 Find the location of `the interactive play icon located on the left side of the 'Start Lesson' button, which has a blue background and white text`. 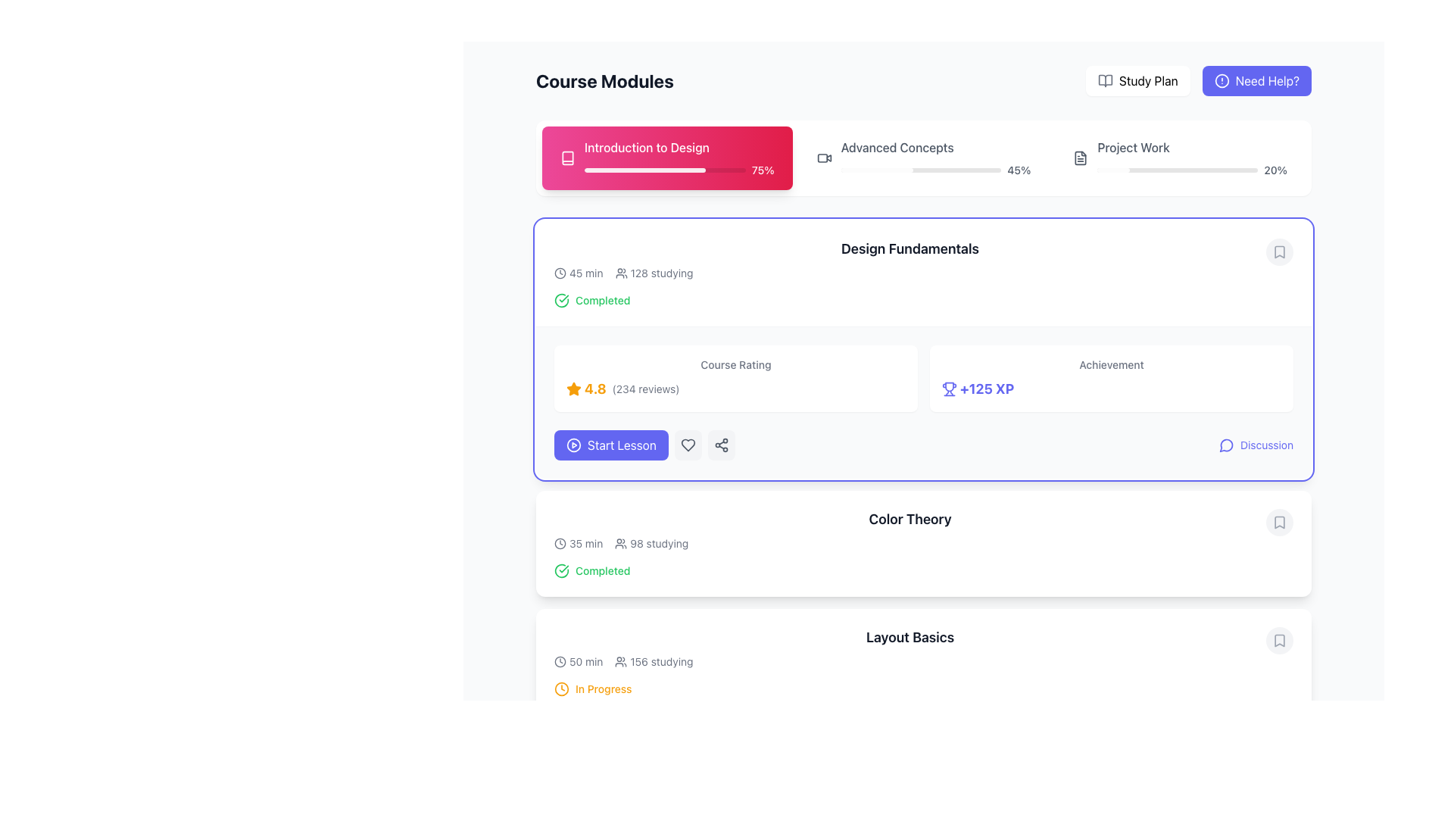

the interactive play icon located on the left side of the 'Start Lesson' button, which has a blue background and white text is located at coordinates (573, 444).